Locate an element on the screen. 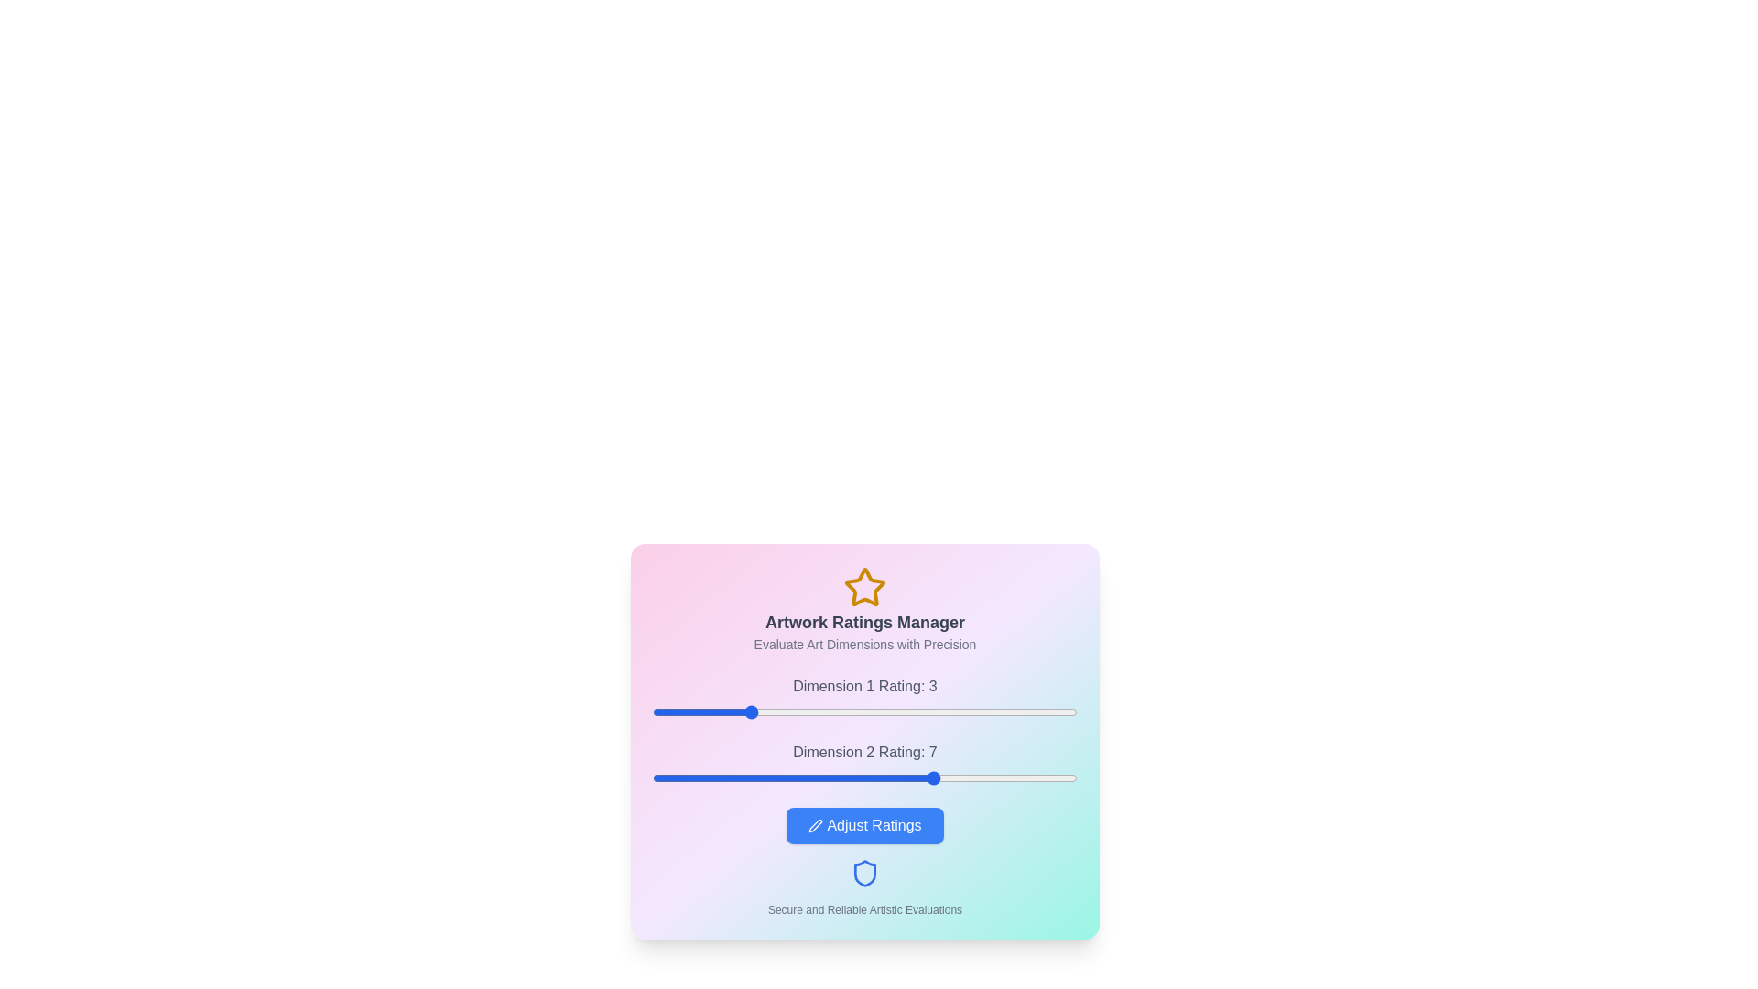 The width and height of the screenshot is (1758, 989). 'Adjust Ratings' button is located at coordinates (864, 826).